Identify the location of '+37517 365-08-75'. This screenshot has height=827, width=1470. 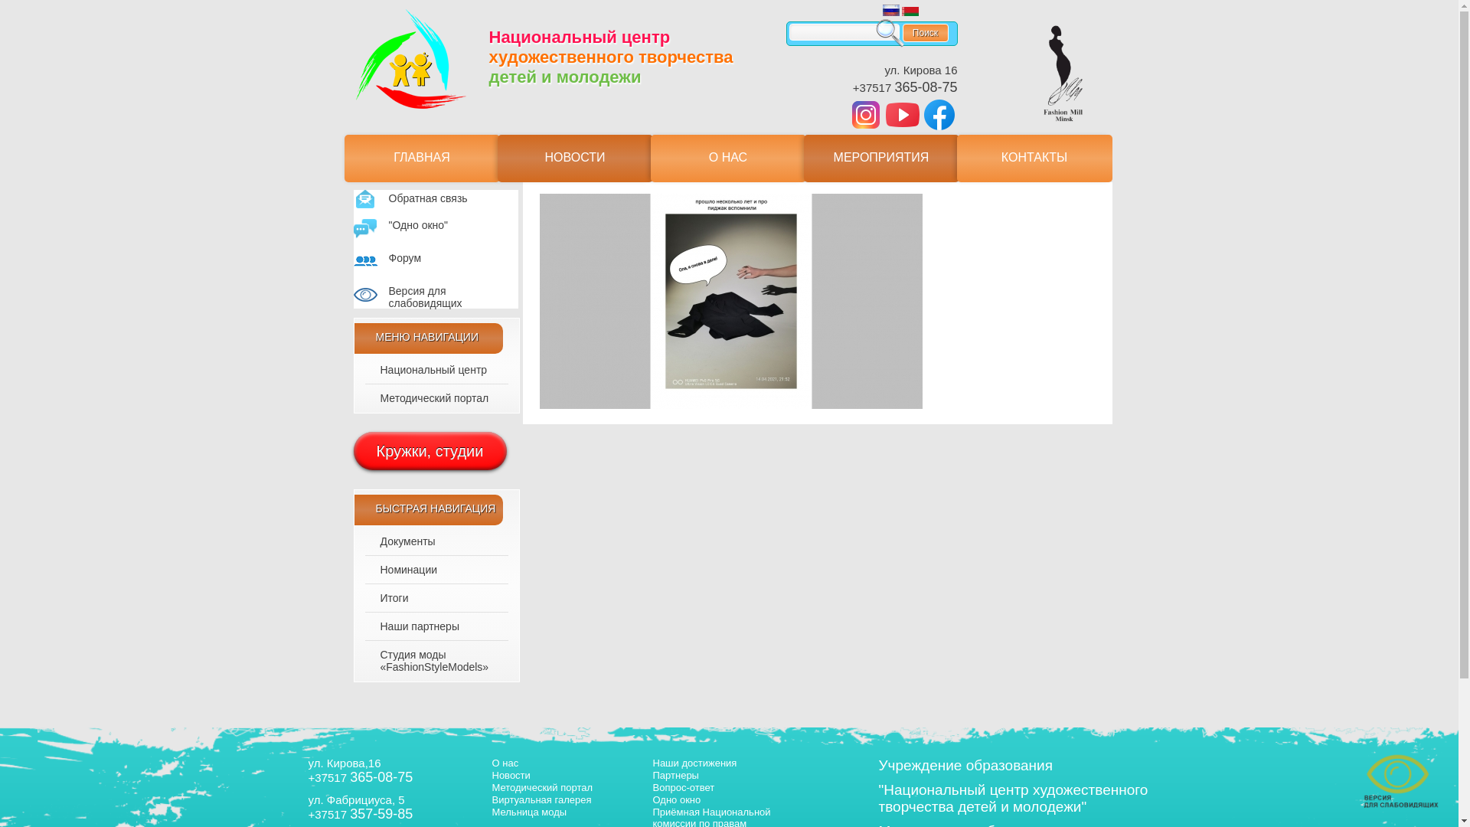
(905, 87).